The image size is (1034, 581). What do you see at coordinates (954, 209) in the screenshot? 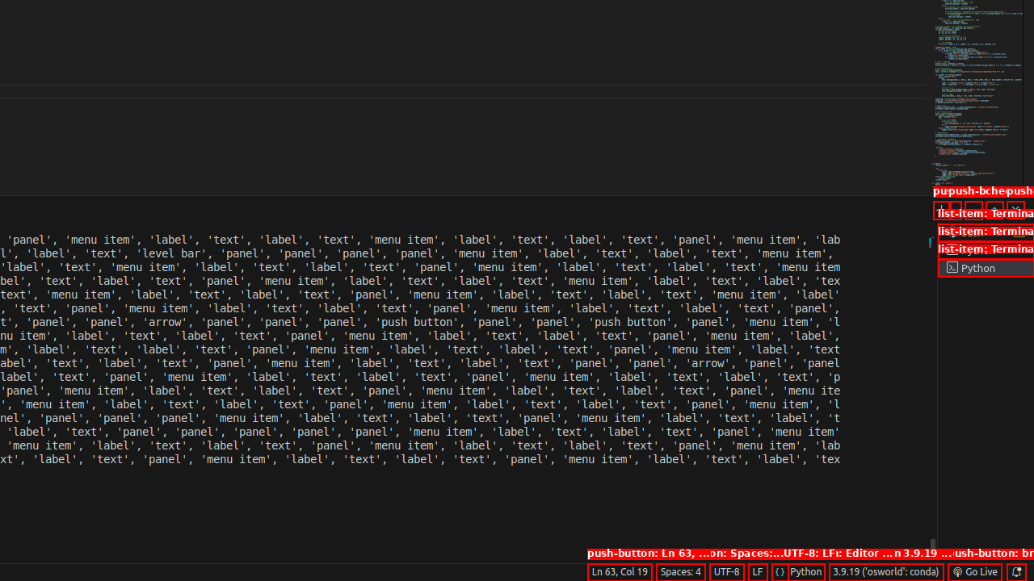
I see `'Launch Profile...'` at bounding box center [954, 209].